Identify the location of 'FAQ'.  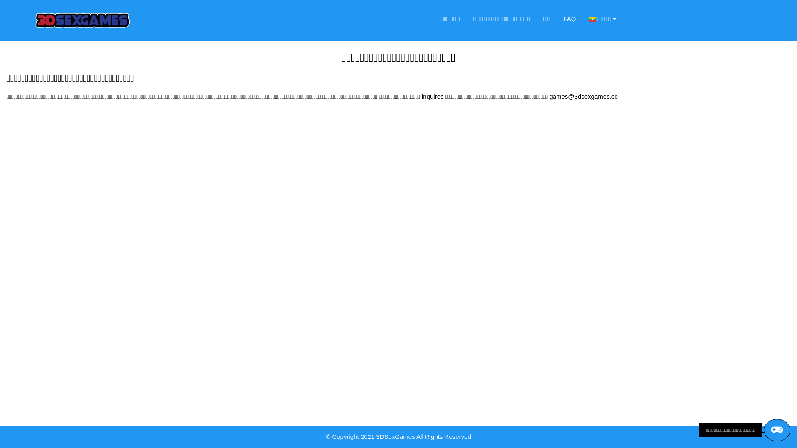
(569, 19).